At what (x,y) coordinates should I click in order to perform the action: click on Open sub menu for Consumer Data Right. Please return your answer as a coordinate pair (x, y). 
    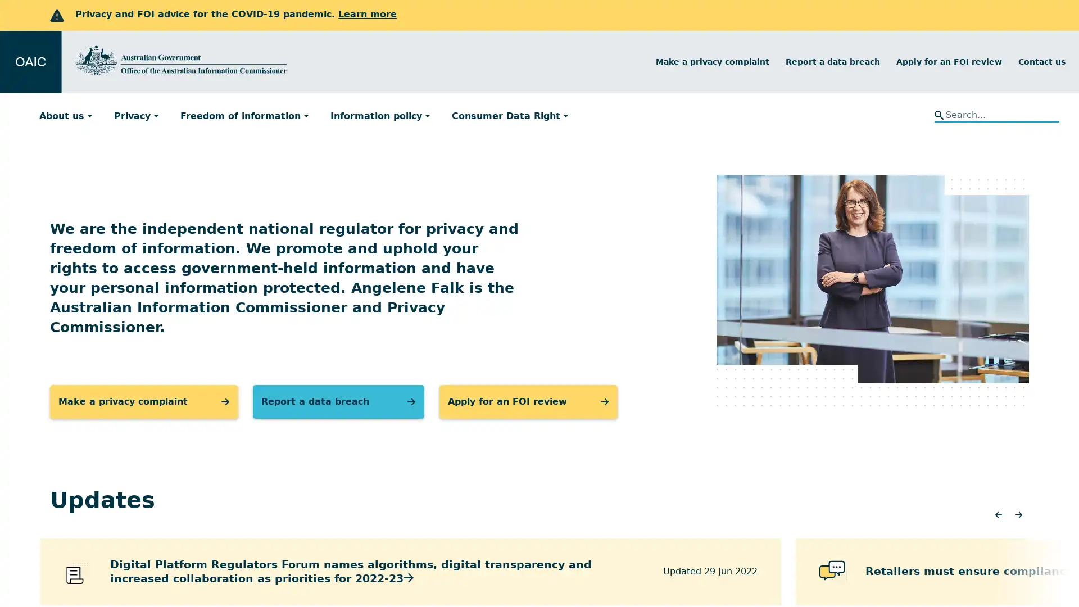
    Looking at the image, I should click on (570, 115).